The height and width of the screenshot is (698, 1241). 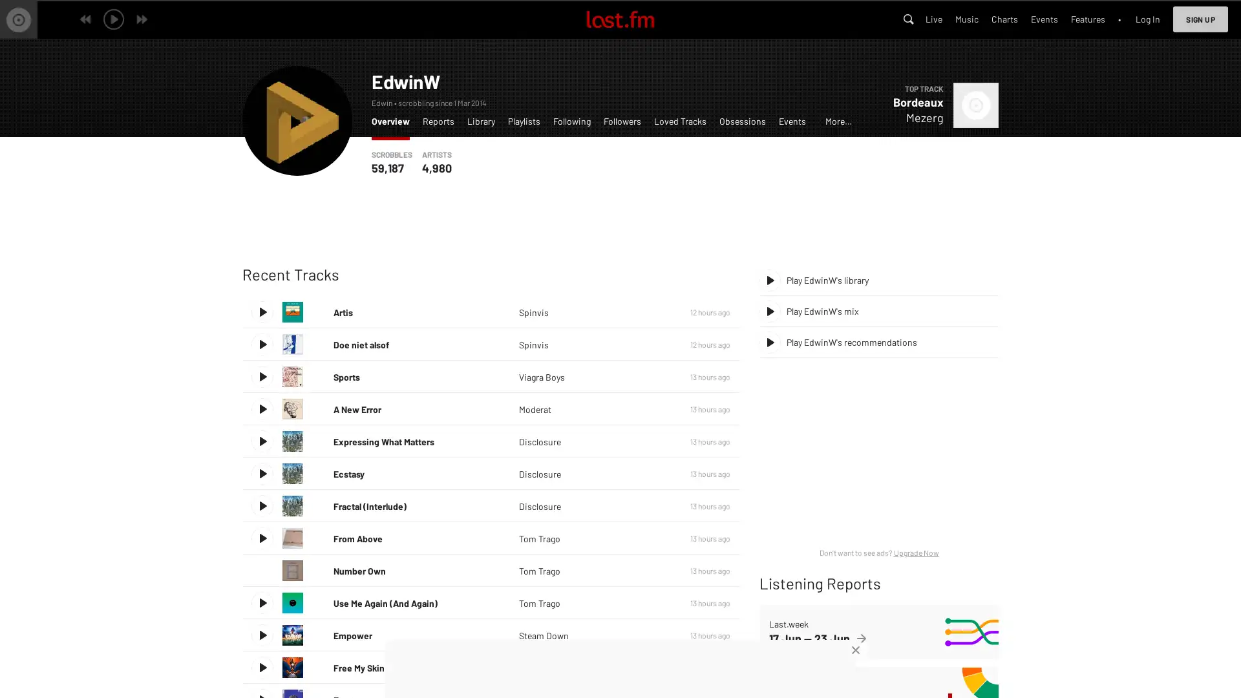 What do you see at coordinates (652, 538) in the screenshot?
I see `Buy` at bounding box center [652, 538].